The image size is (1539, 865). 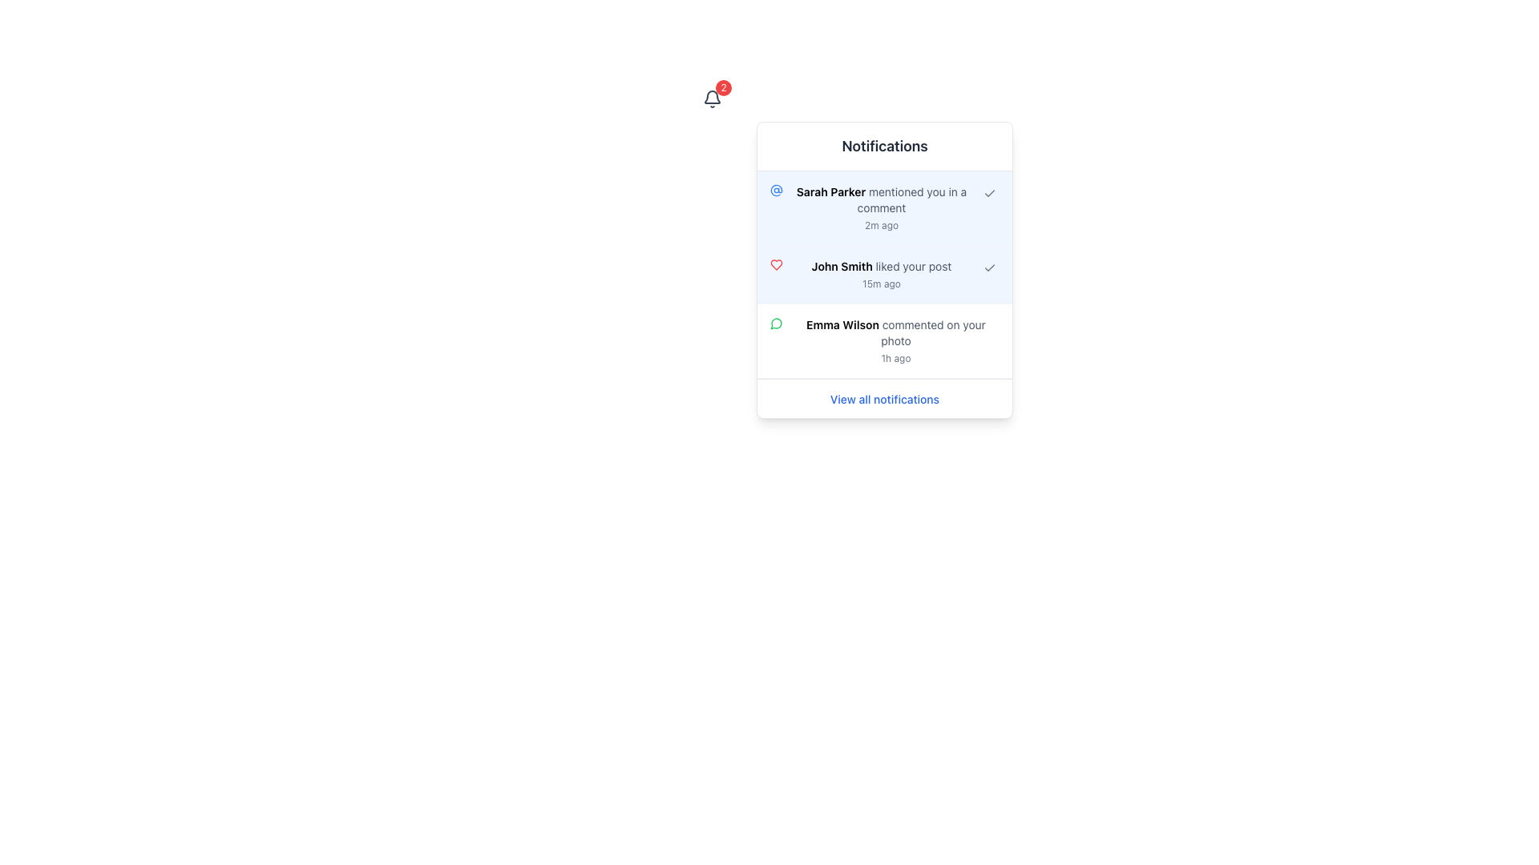 I want to click on the first notification item in the notification panel that informs about Sarah Parker mentioning you in a comment, so click(x=880, y=207).